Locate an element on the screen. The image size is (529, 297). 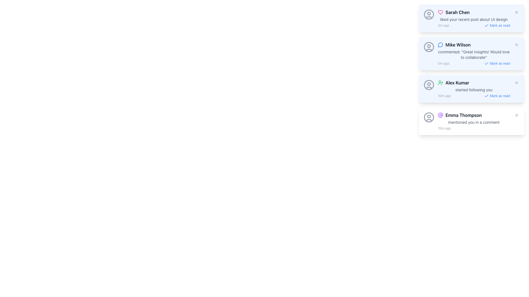
the Profile icon or avatar placeholder that represents a user in the notification card labeled 'Emma Thompson mentioned you in a comment 15m ago', positioned at the leftmost side and fourth from the top in the list of notifications is located at coordinates (428, 117).